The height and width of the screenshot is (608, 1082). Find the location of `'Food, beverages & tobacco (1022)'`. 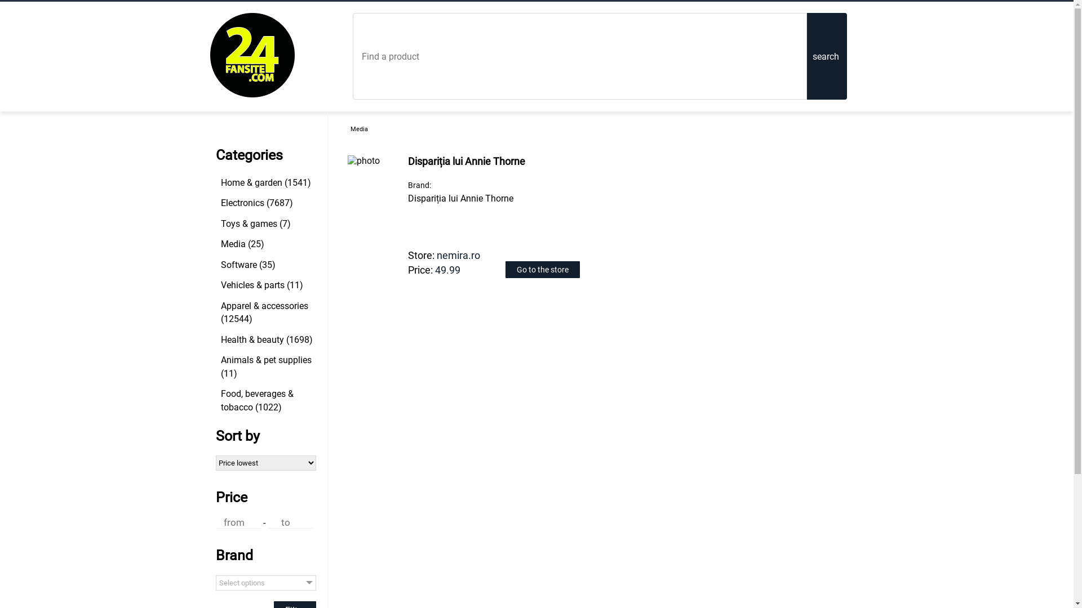

'Food, beverages & tobacco (1022)' is located at coordinates (267, 399).